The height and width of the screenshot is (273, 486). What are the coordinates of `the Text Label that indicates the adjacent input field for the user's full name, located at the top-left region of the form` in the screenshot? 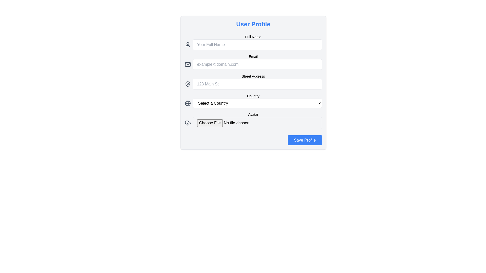 It's located at (253, 37).